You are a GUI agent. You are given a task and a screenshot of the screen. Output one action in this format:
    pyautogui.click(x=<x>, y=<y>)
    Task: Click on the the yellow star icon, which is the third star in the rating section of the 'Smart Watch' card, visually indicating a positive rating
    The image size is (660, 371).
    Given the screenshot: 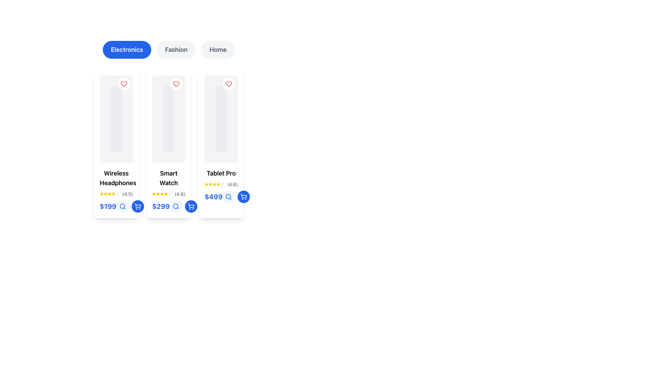 What is the action you would take?
    pyautogui.click(x=157, y=194)
    